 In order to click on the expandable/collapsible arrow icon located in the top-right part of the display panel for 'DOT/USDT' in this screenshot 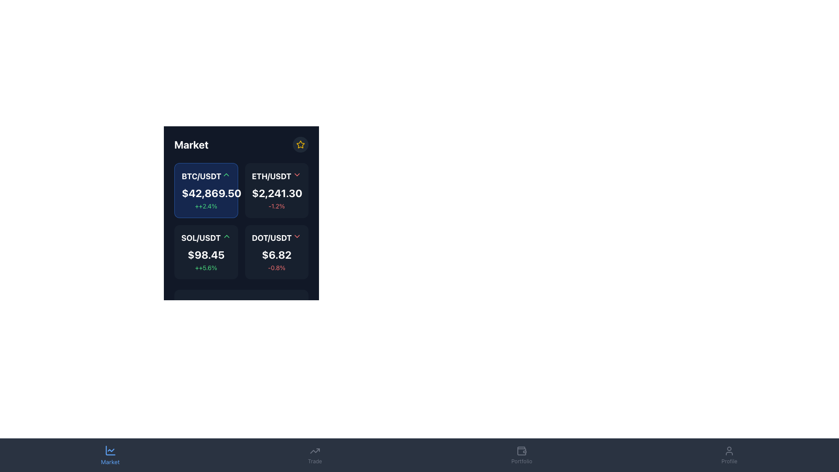, I will do `click(297, 236)`.